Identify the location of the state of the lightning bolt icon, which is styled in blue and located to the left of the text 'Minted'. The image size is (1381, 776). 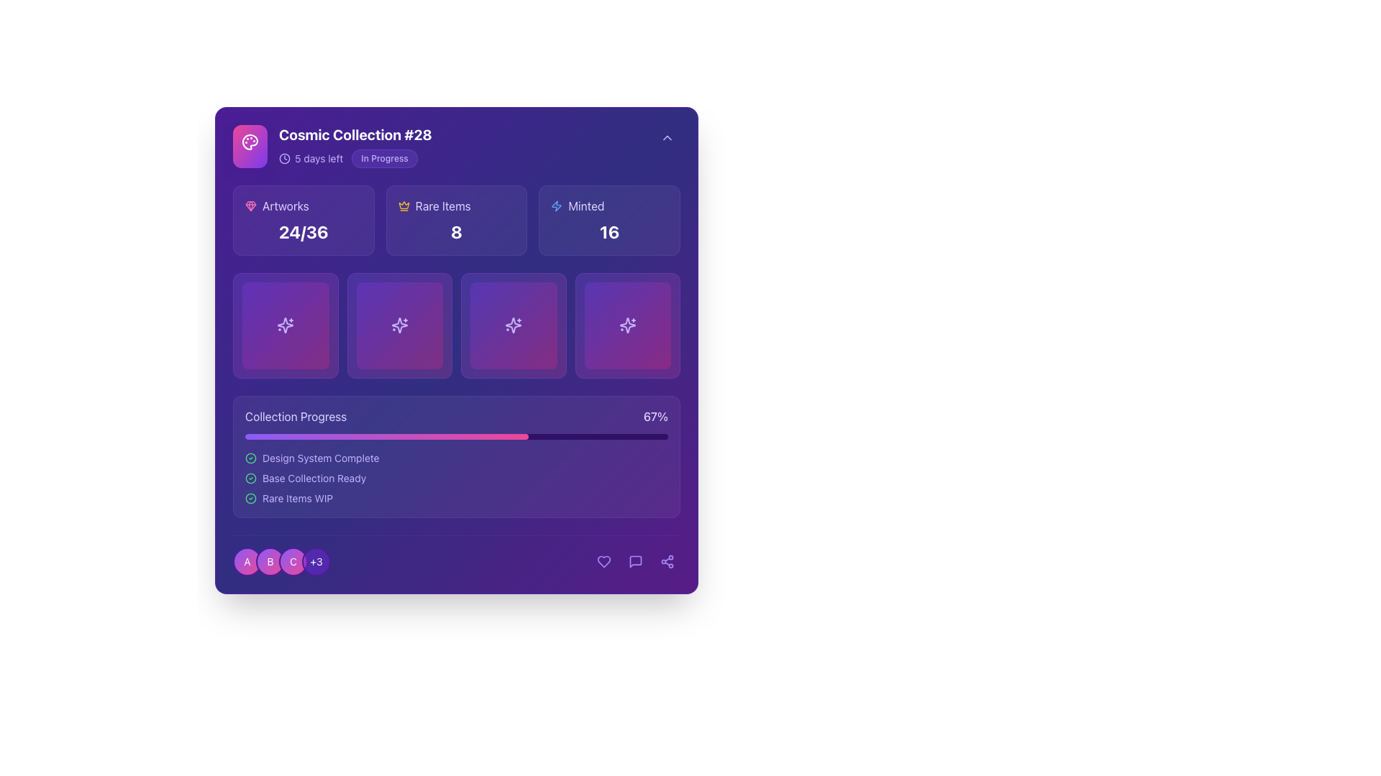
(556, 205).